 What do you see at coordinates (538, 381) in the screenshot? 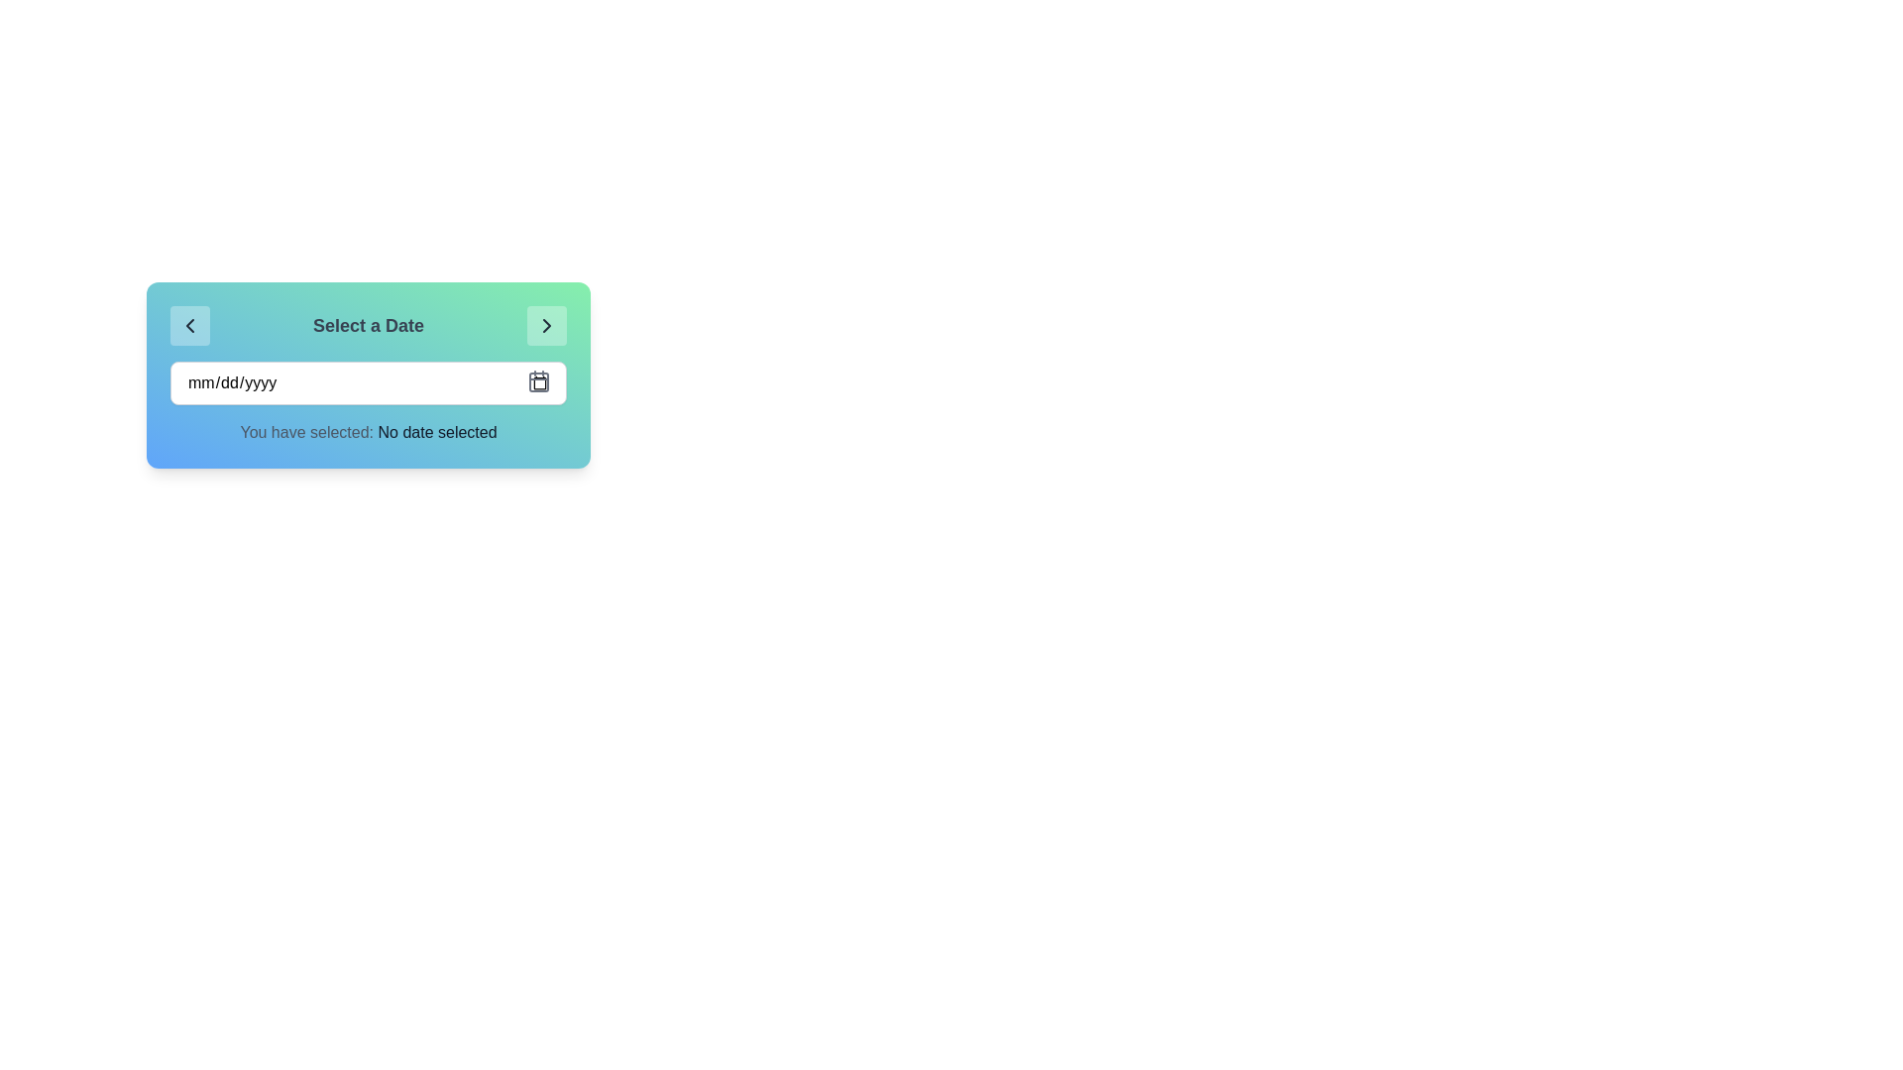
I see `the calendar icon button located at the top-right corner of the date input field` at bounding box center [538, 381].